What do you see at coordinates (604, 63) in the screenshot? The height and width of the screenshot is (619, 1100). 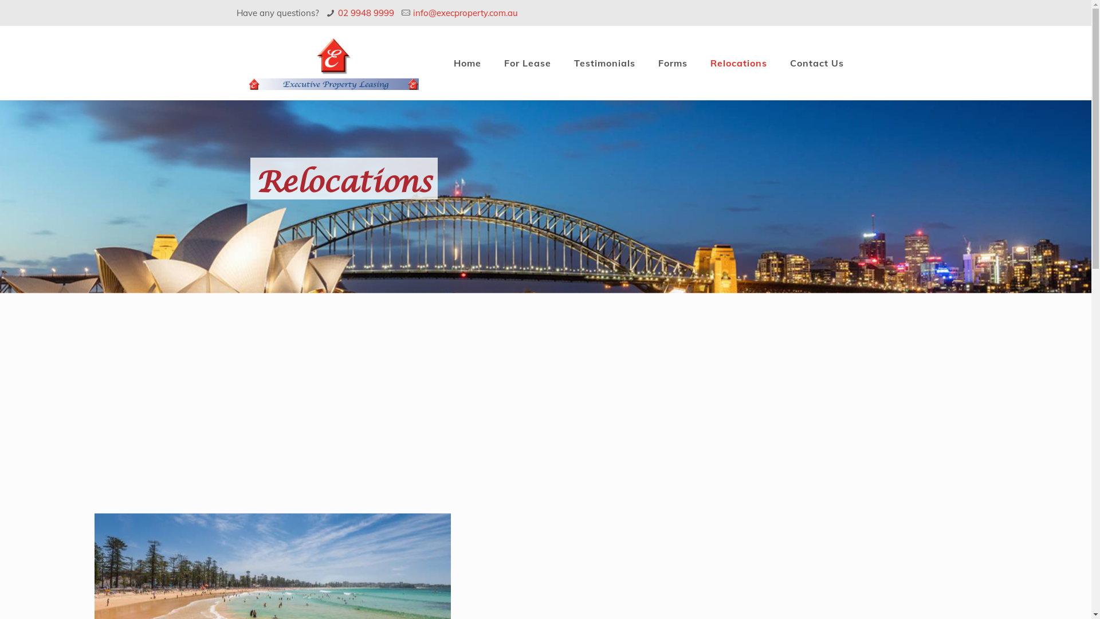 I see `'Testimonials'` at bounding box center [604, 63].